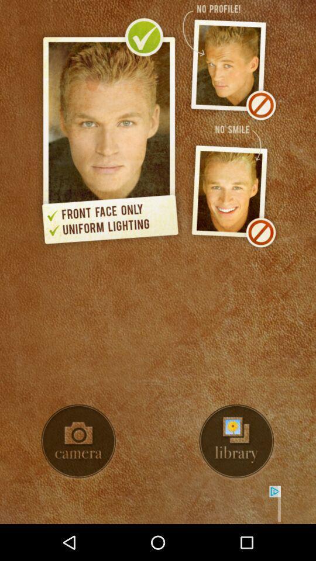  Describe the element at coordinates (158, 504) in the screenshot. I see `item at the bottom` at that location.